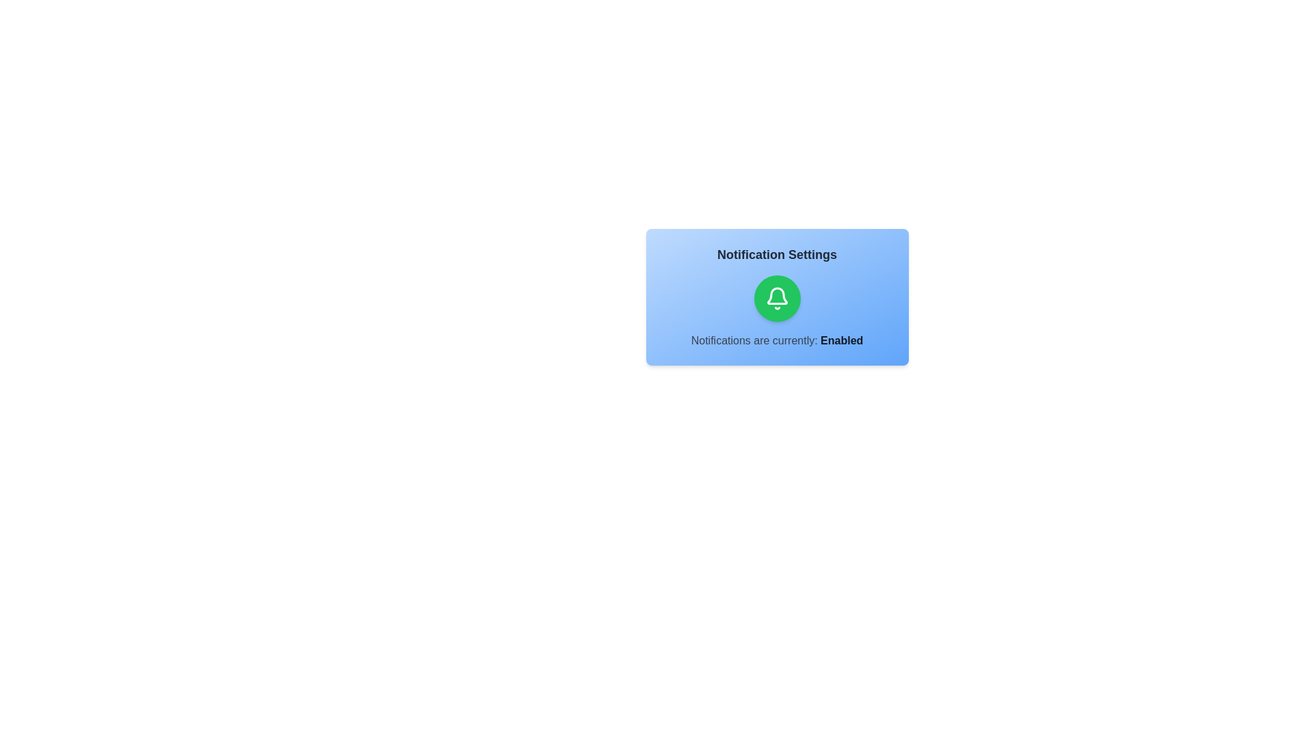 This screenshot has width=1313, height=738. I want to click on the notification toggle button, so click(777, 297).